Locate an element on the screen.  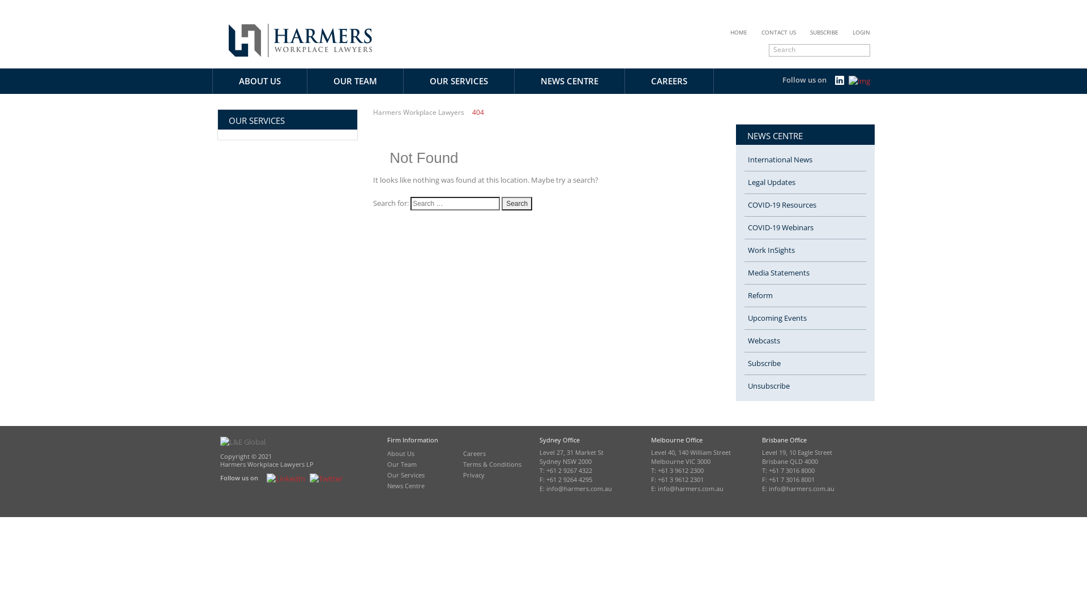
'International News' is located at coordinates (804, 160).